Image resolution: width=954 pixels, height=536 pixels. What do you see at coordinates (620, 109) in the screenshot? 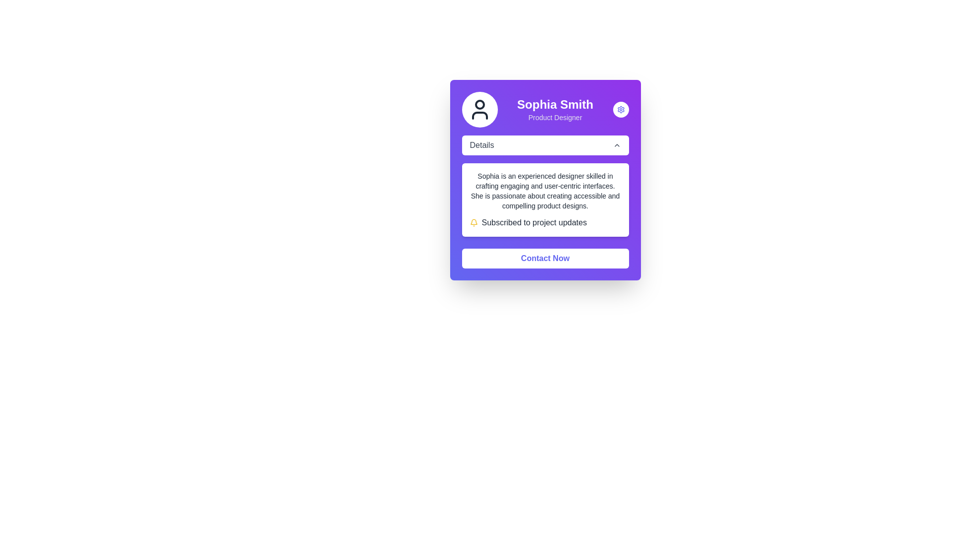
I see `the cogwheel-shaped Settings icon located at the top-right corner of the card interface` at bounding box center [620, 109].